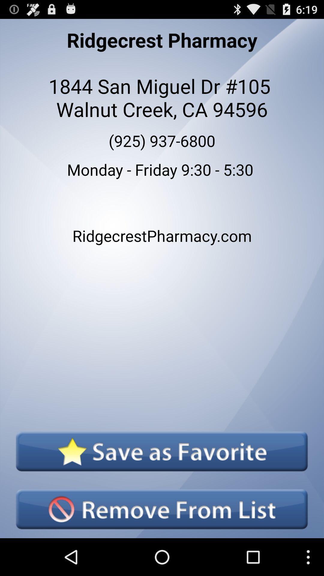 This screenshot has height=576, width=324. What do you see at coordinates (161, 451) in the screenshot?
I see `icon below the ridgecrestpharmacy.com icon` at bounding box center [161, 451].